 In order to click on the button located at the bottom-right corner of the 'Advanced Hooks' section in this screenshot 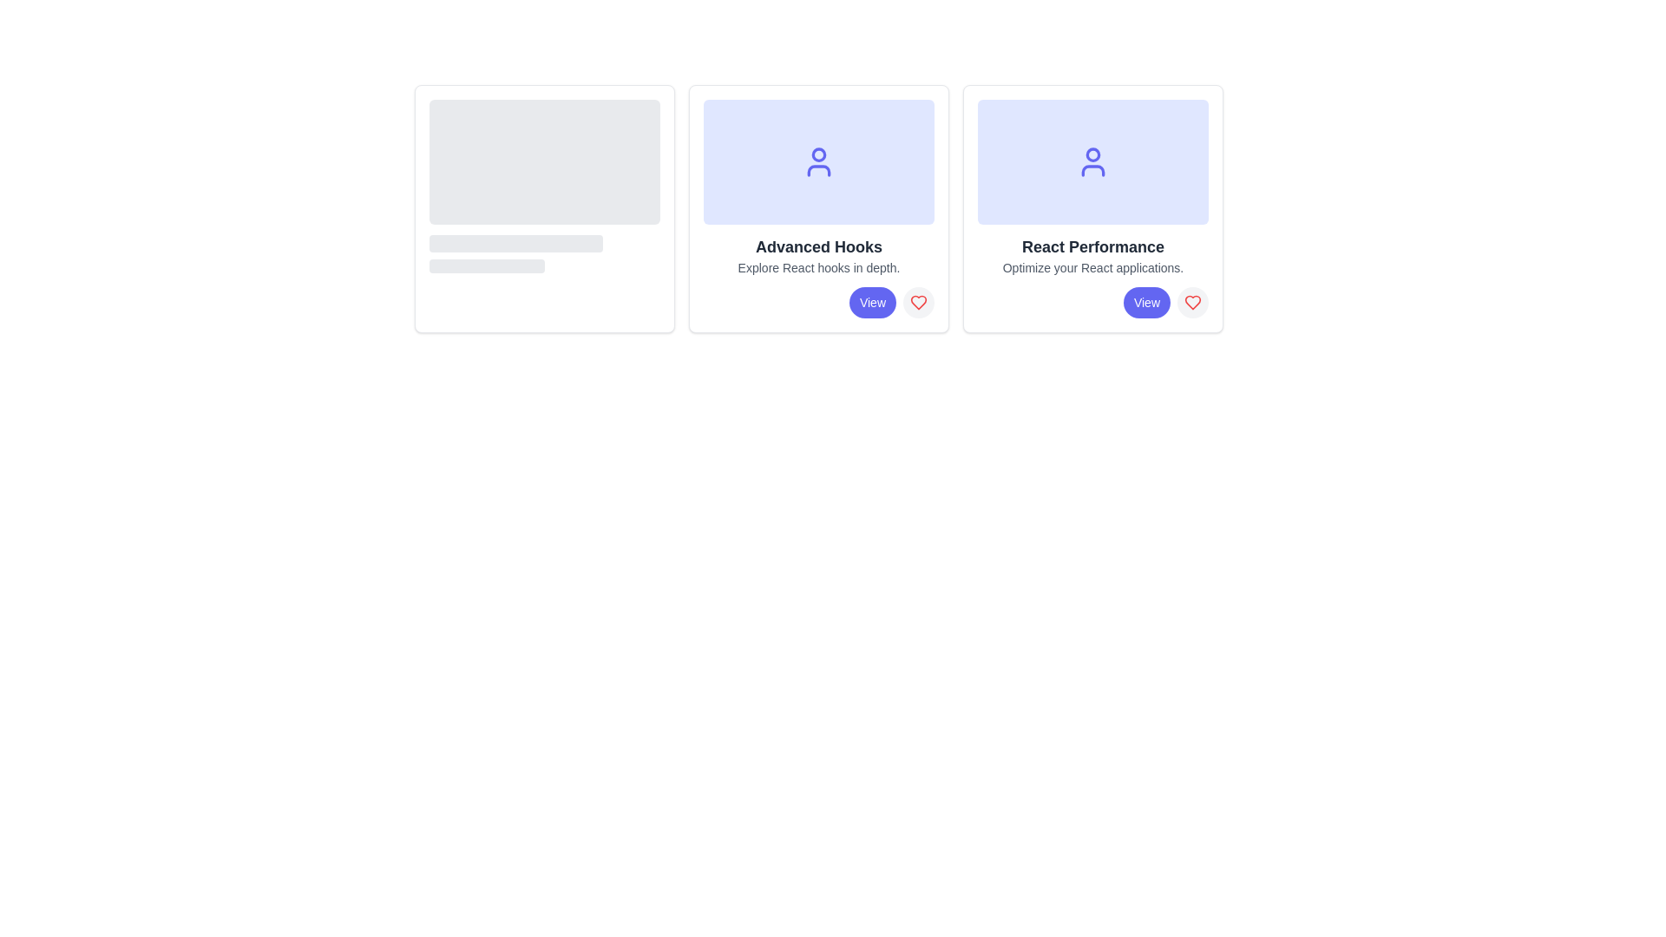, I will do `click(872, 301)`.